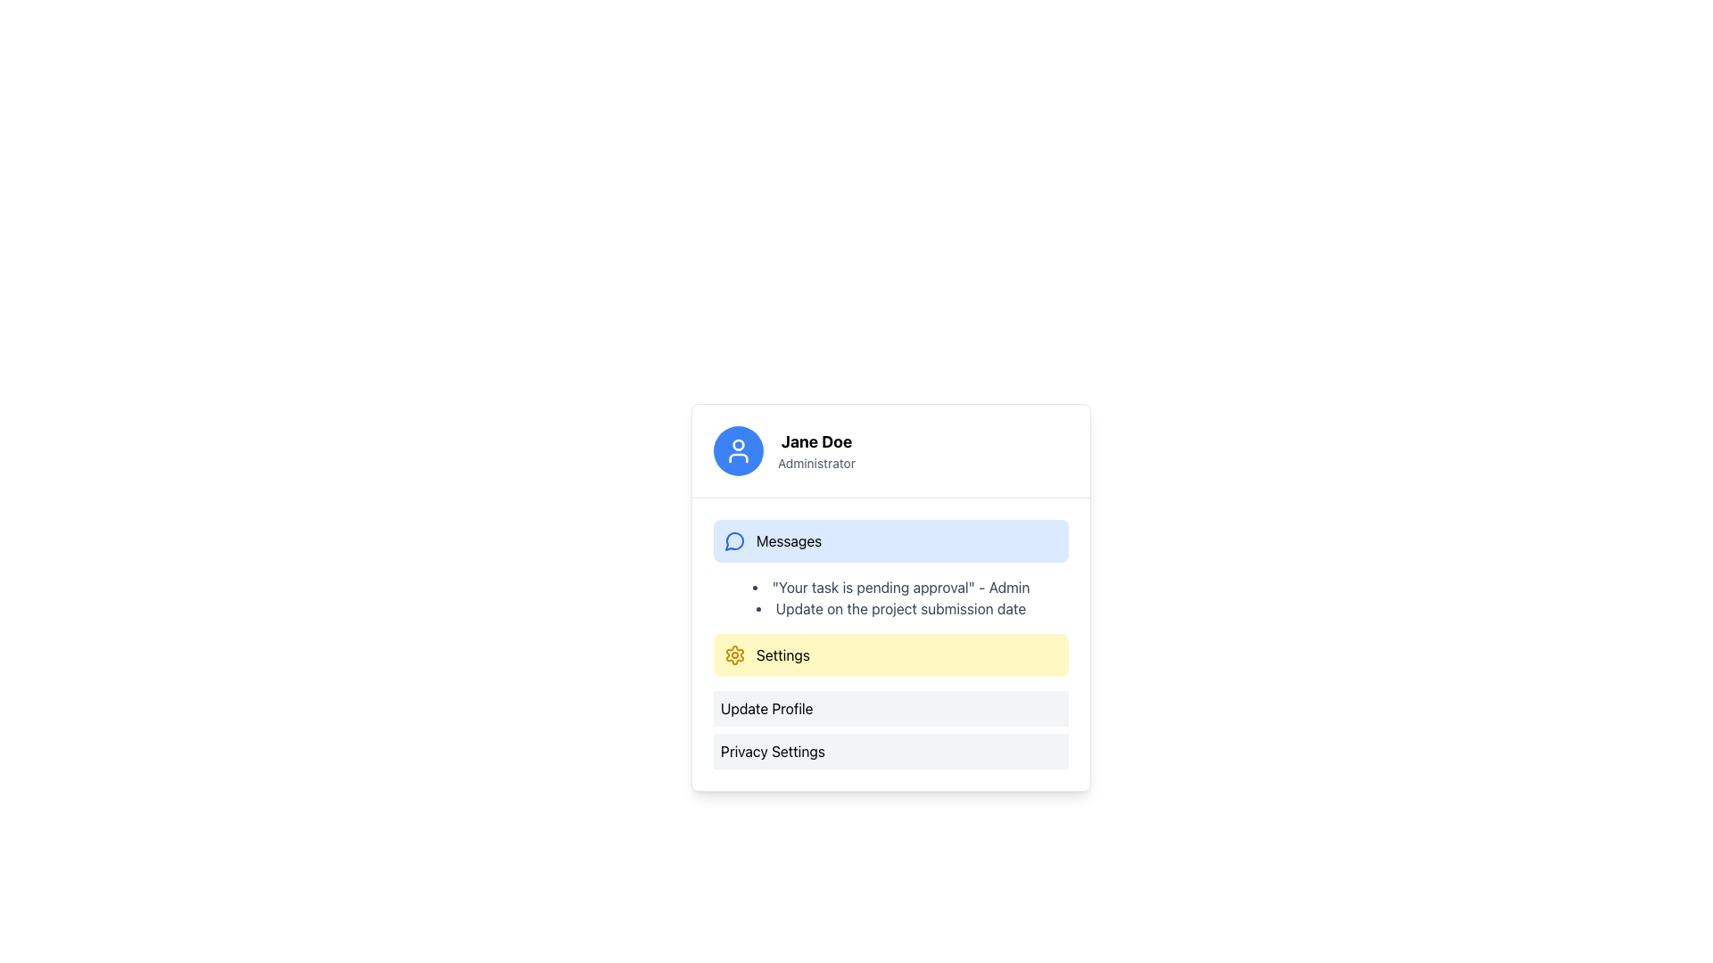 Image resolution: width=1713 pixels, height=963 pixels. Describe the element at coordinates (890, 707) in the screenshot. I see `the profile update button located above the 'Privacy Settings' button in the lower section of the profile interface to initiate the profile update action` at that location.